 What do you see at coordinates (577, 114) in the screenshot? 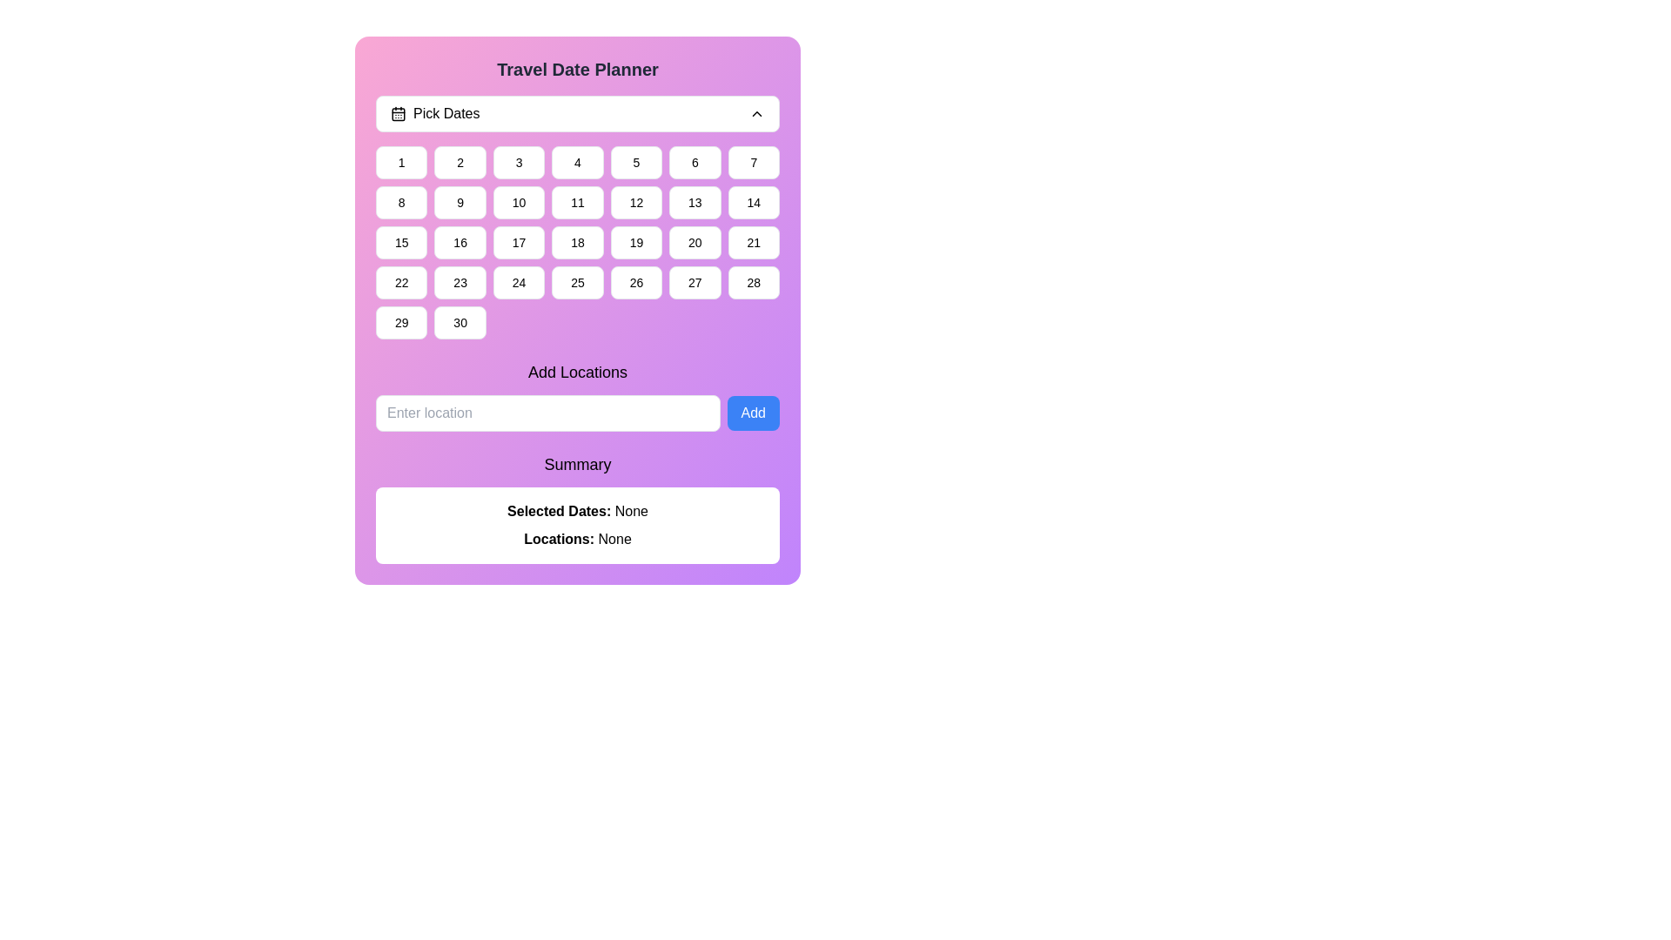
I see `the Dropdown menu trigger located directly below the title 'Travel Date Planner'` at bounding box center [577, 114].